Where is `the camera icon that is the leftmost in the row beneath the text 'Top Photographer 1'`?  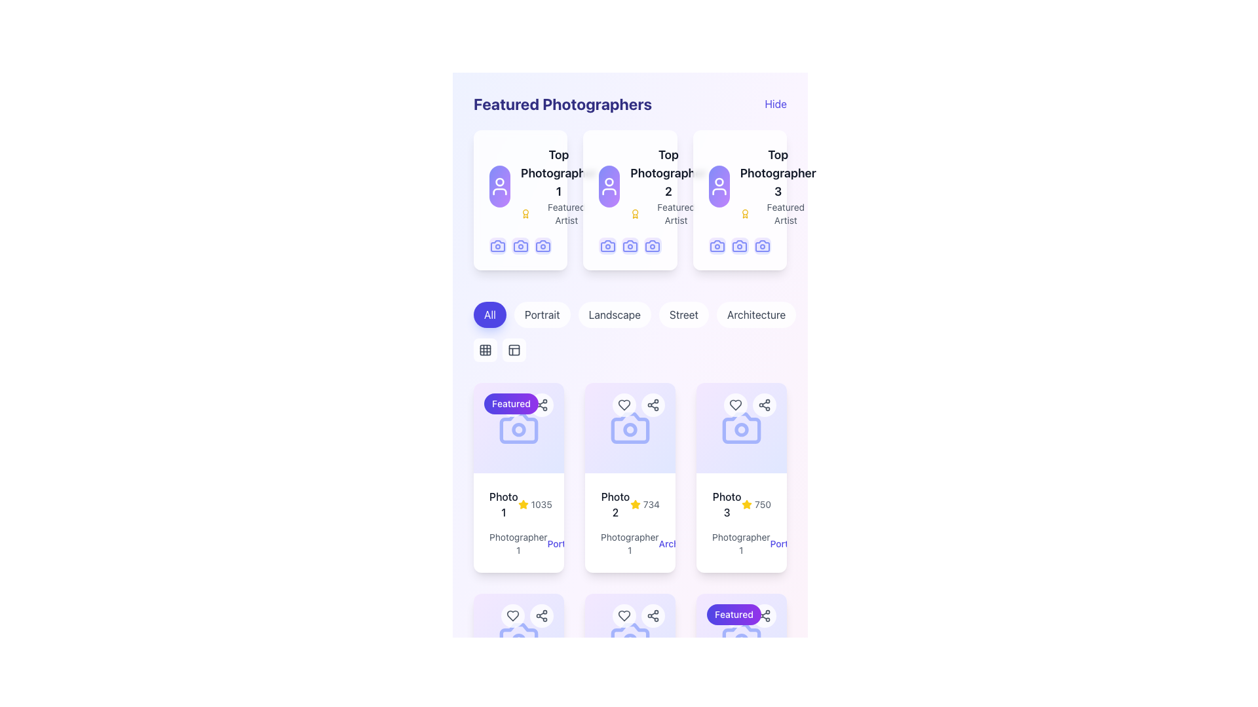 the camera icon that is the leftmost in the row beneath the text 'Top Photographer 1' is located at coordinates (520, 246).